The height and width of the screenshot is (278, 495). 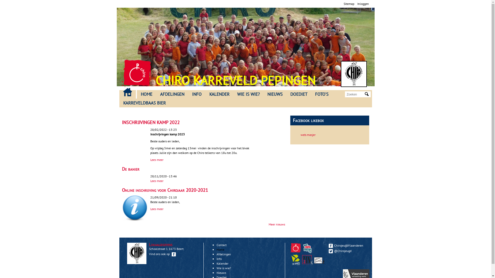 What do you see at coordinates (268, 224) in the screenshot?
I see `'Meer nieuws'` at bounding box center [268, 224].